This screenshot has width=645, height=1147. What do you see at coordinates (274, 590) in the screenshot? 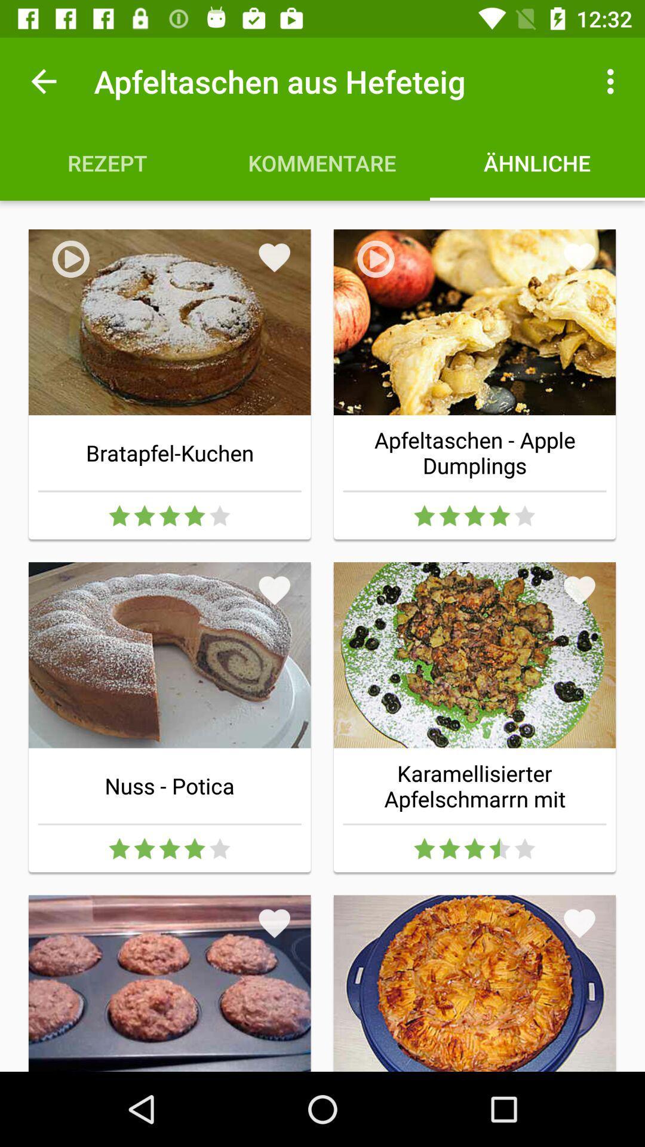
I see `the icon at the center` at bounding box center [274, 590].